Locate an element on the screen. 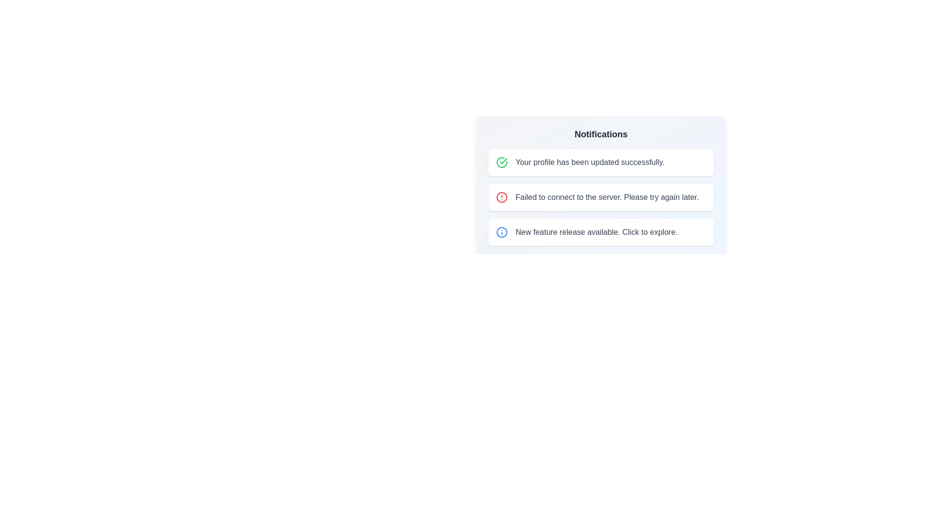 The height and width of the screenshot is (524, 933). text notification 'New feature release available. Click to explore.' which is styled with gray text on a white background, located in the third position of a vertical list within a notification panel is located at coordinates (596, 232).